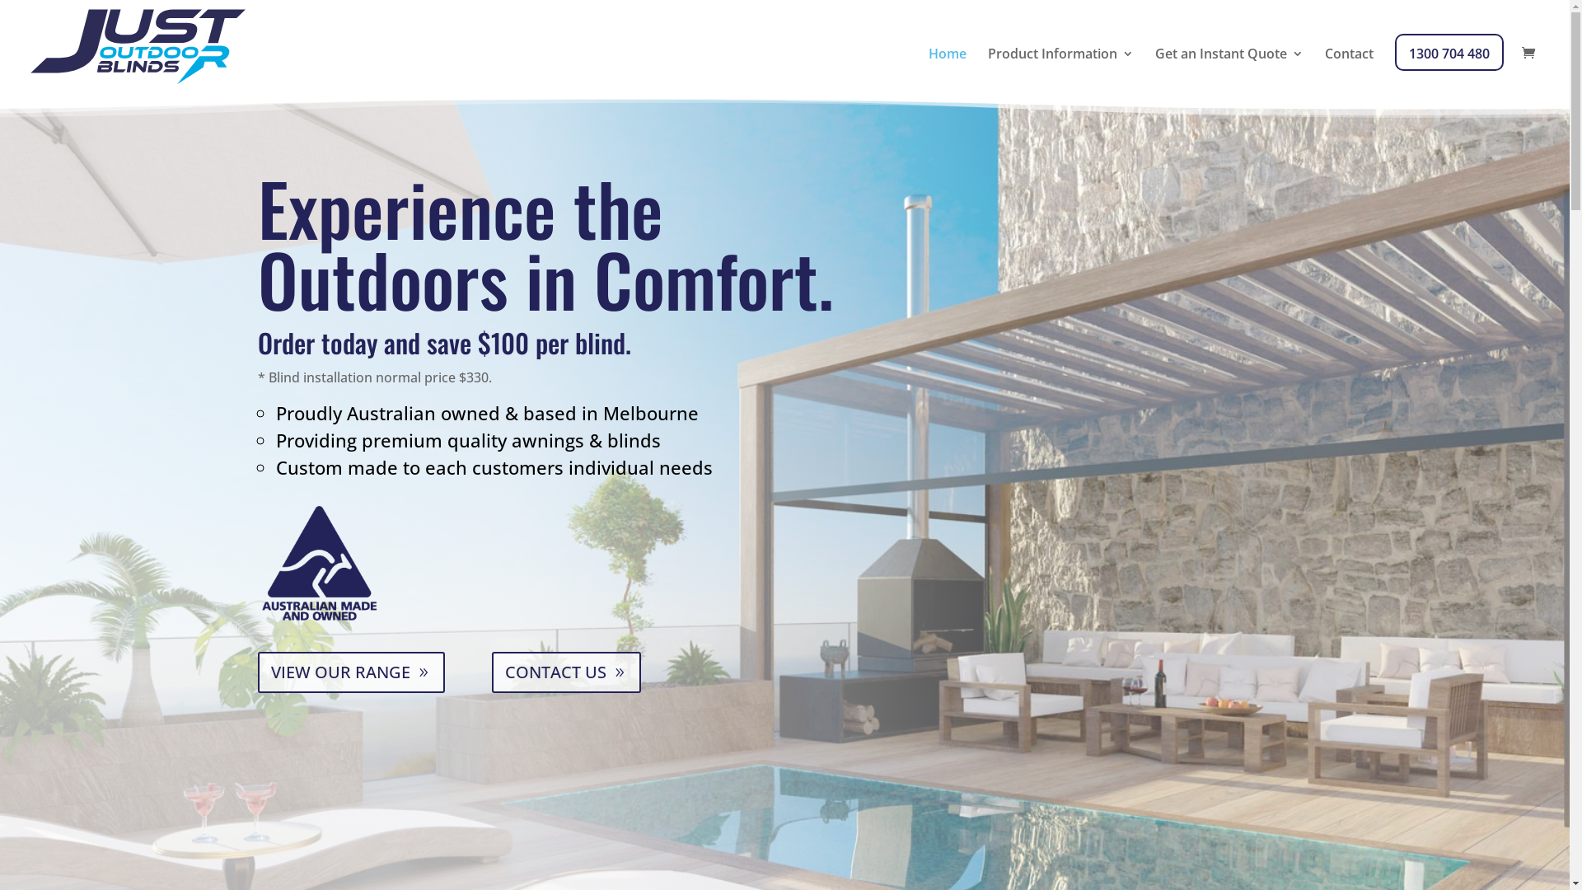 The height and width of the screenshot is (890, 1582). What do you see at coordinates (566, 672) in the screenshot?
I see `'CONTACT US'` at bounding box center [566, 672].